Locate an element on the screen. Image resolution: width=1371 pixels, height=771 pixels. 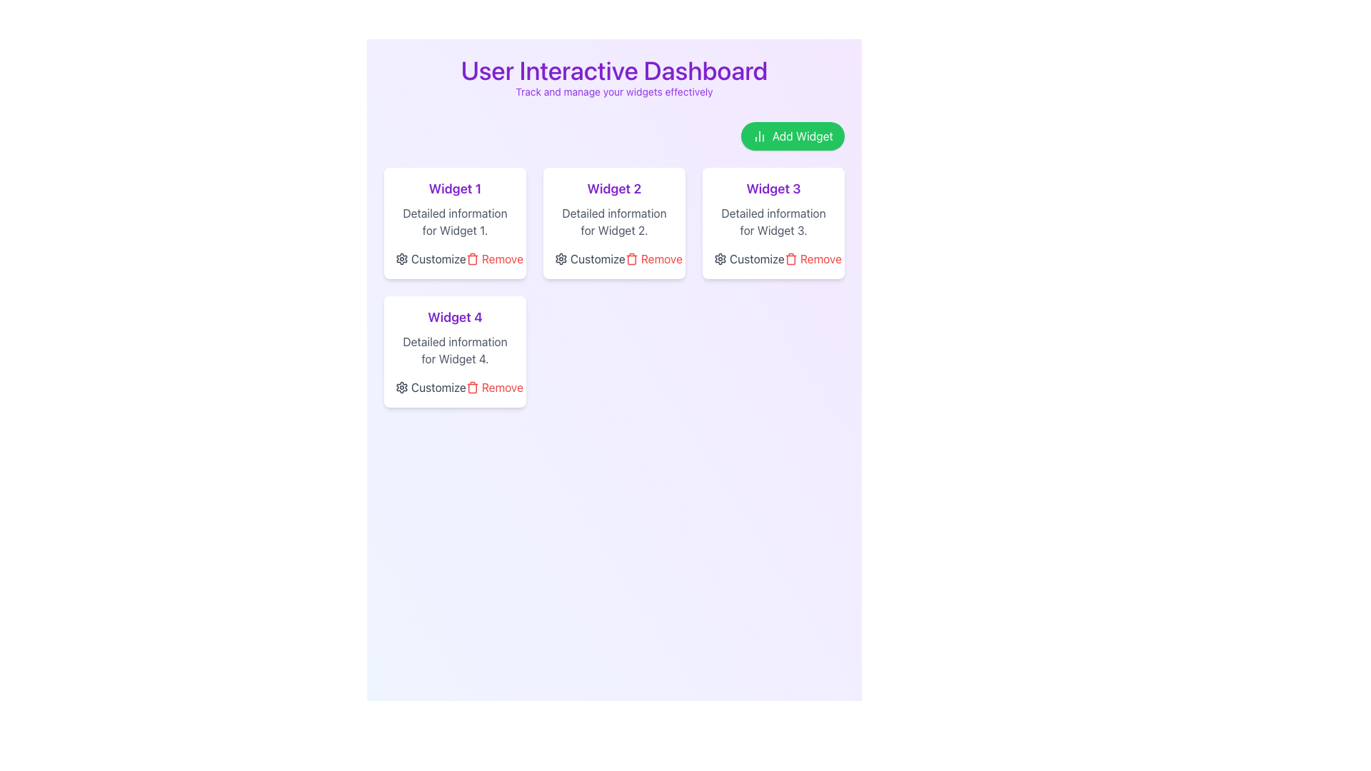
the 'Remove' button, styled in red and associated with deletion actions, located in the top row, middle column of the grid layout is located at coordinates (653, 258).